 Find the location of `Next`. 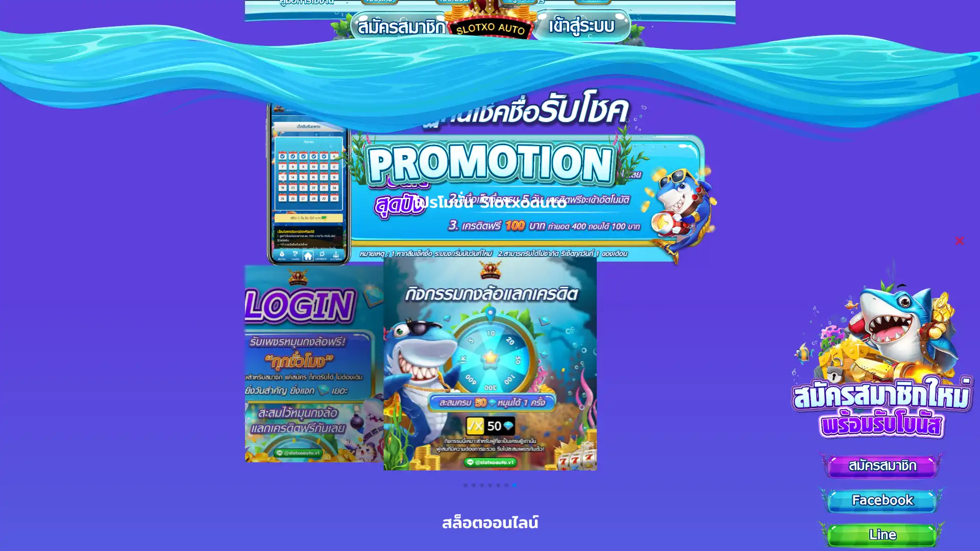

Next is located at coordinates (698, 176).